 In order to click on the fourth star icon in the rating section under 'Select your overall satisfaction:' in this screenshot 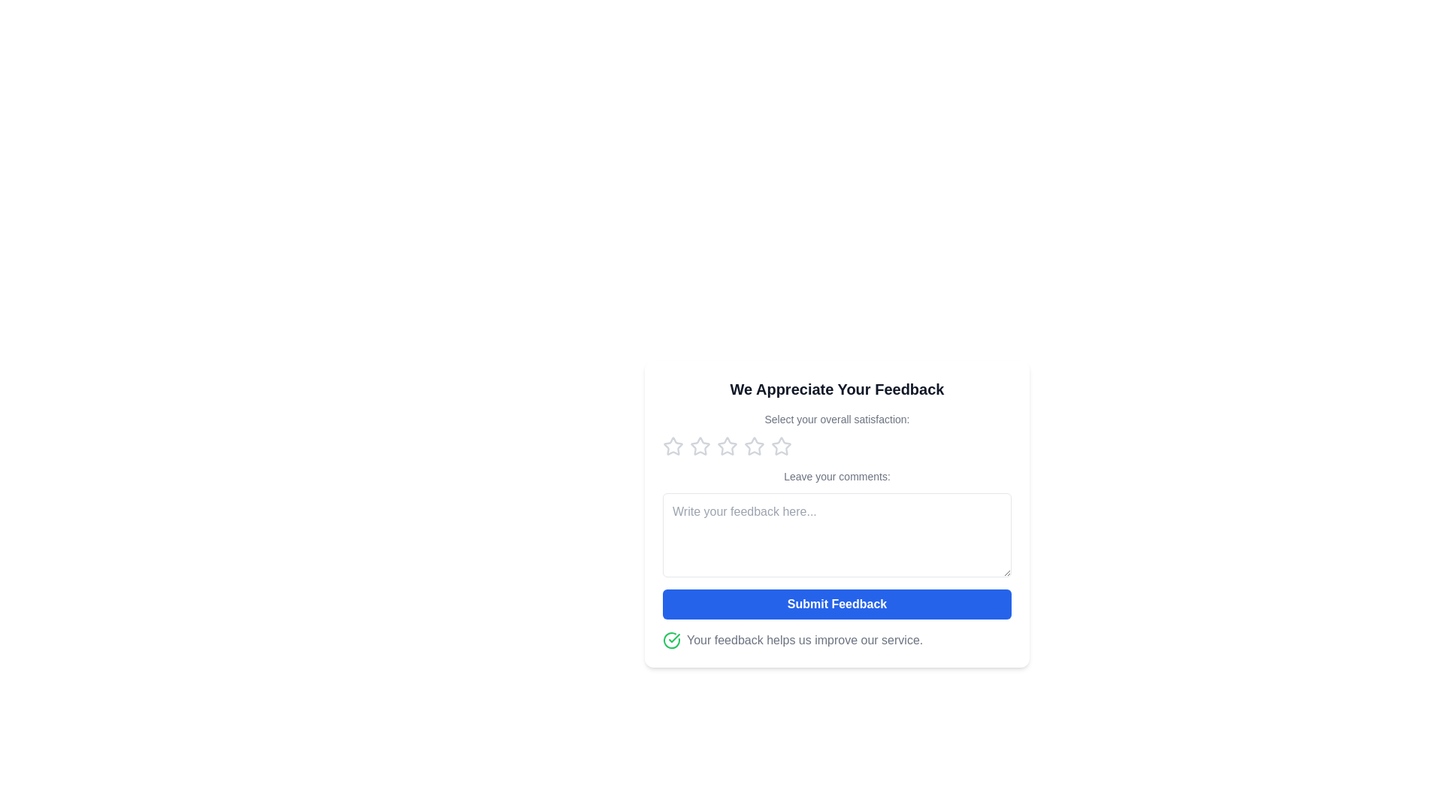, I will do `click(754, 446)`.